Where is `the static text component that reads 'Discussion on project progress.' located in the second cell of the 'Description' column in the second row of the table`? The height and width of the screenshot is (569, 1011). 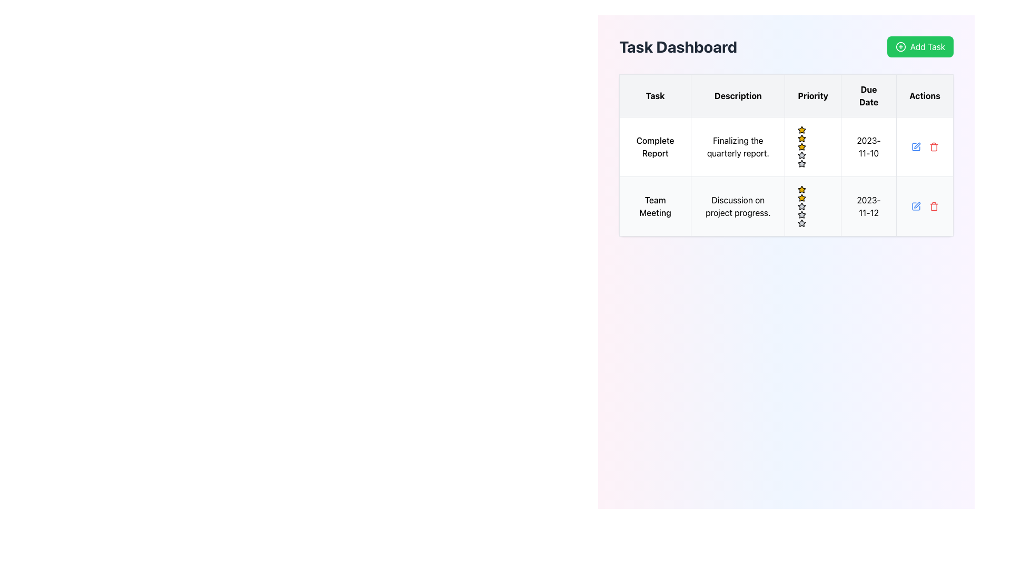
the static text component that reads 'Discussion on project progress.' located in the second cell of the 'Description' column in the second row of the table is located at coordinates (737, 207).